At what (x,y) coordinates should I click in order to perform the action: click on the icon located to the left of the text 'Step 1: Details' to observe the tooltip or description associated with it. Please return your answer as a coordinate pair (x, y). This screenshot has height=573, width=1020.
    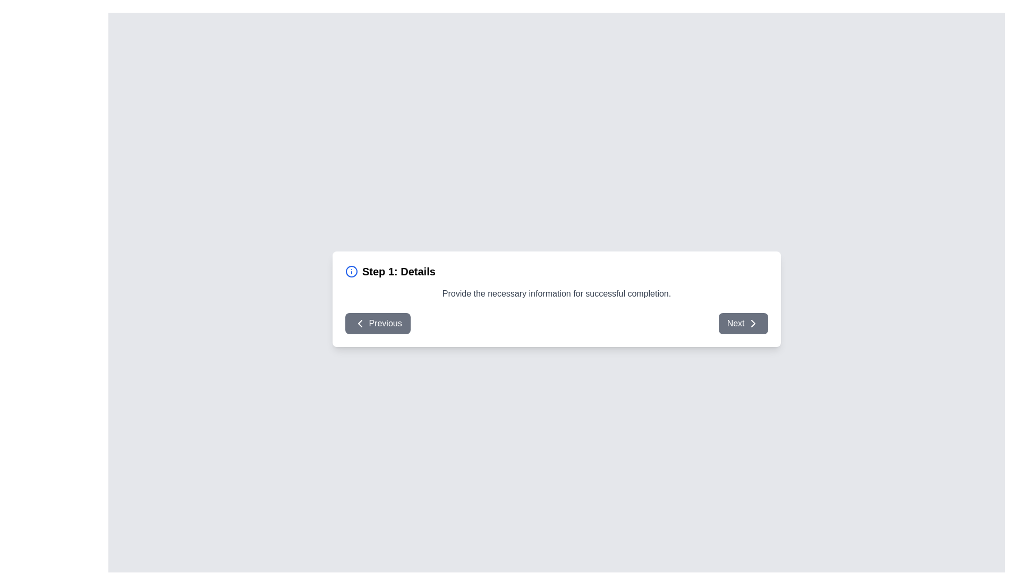
    Looking at the image, I should click on (352, 270).